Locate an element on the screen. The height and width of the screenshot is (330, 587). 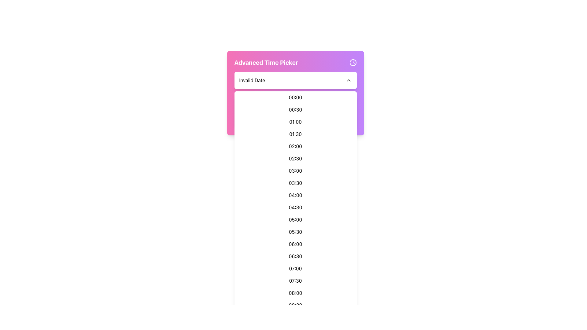
the Icon Button located to the right of the 'Invalid Date' label is located at coordinates (349, 80).